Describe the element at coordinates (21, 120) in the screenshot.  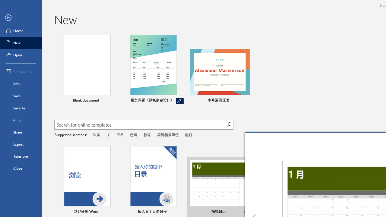
I see `'Print'` at that location.